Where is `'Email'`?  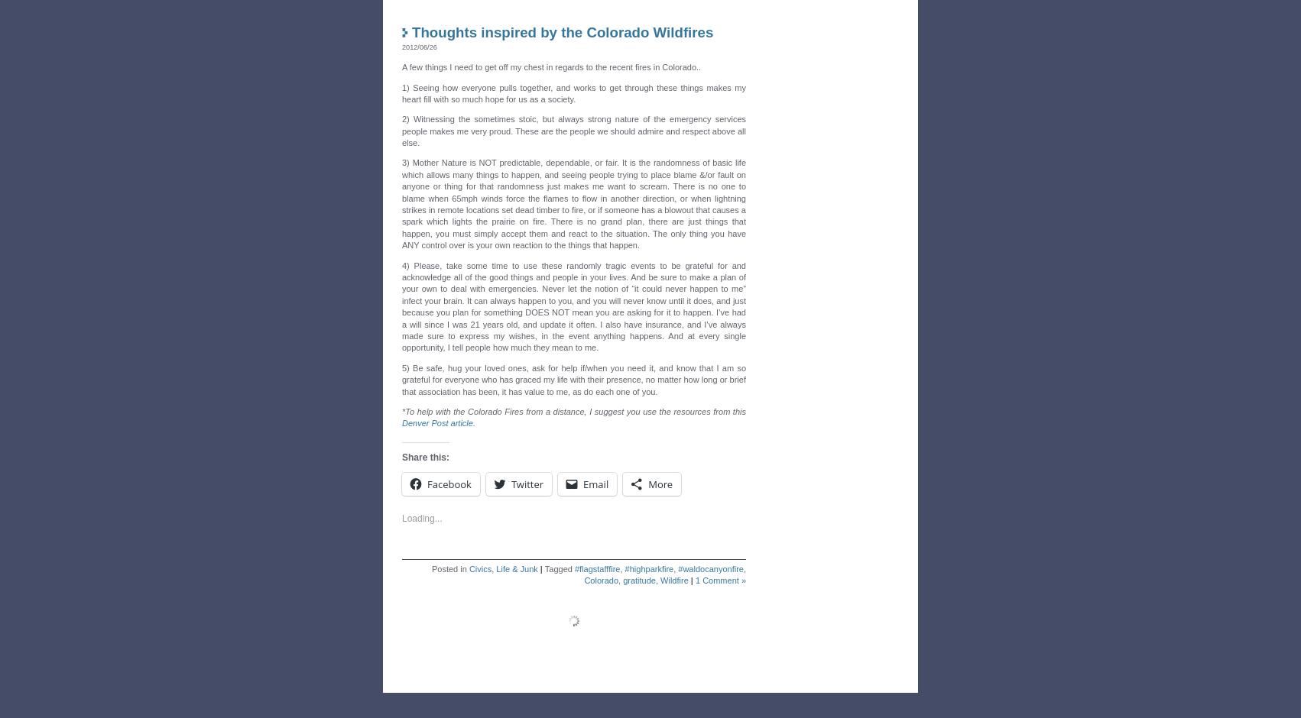 'Email' is located at coordinates (595, 480).